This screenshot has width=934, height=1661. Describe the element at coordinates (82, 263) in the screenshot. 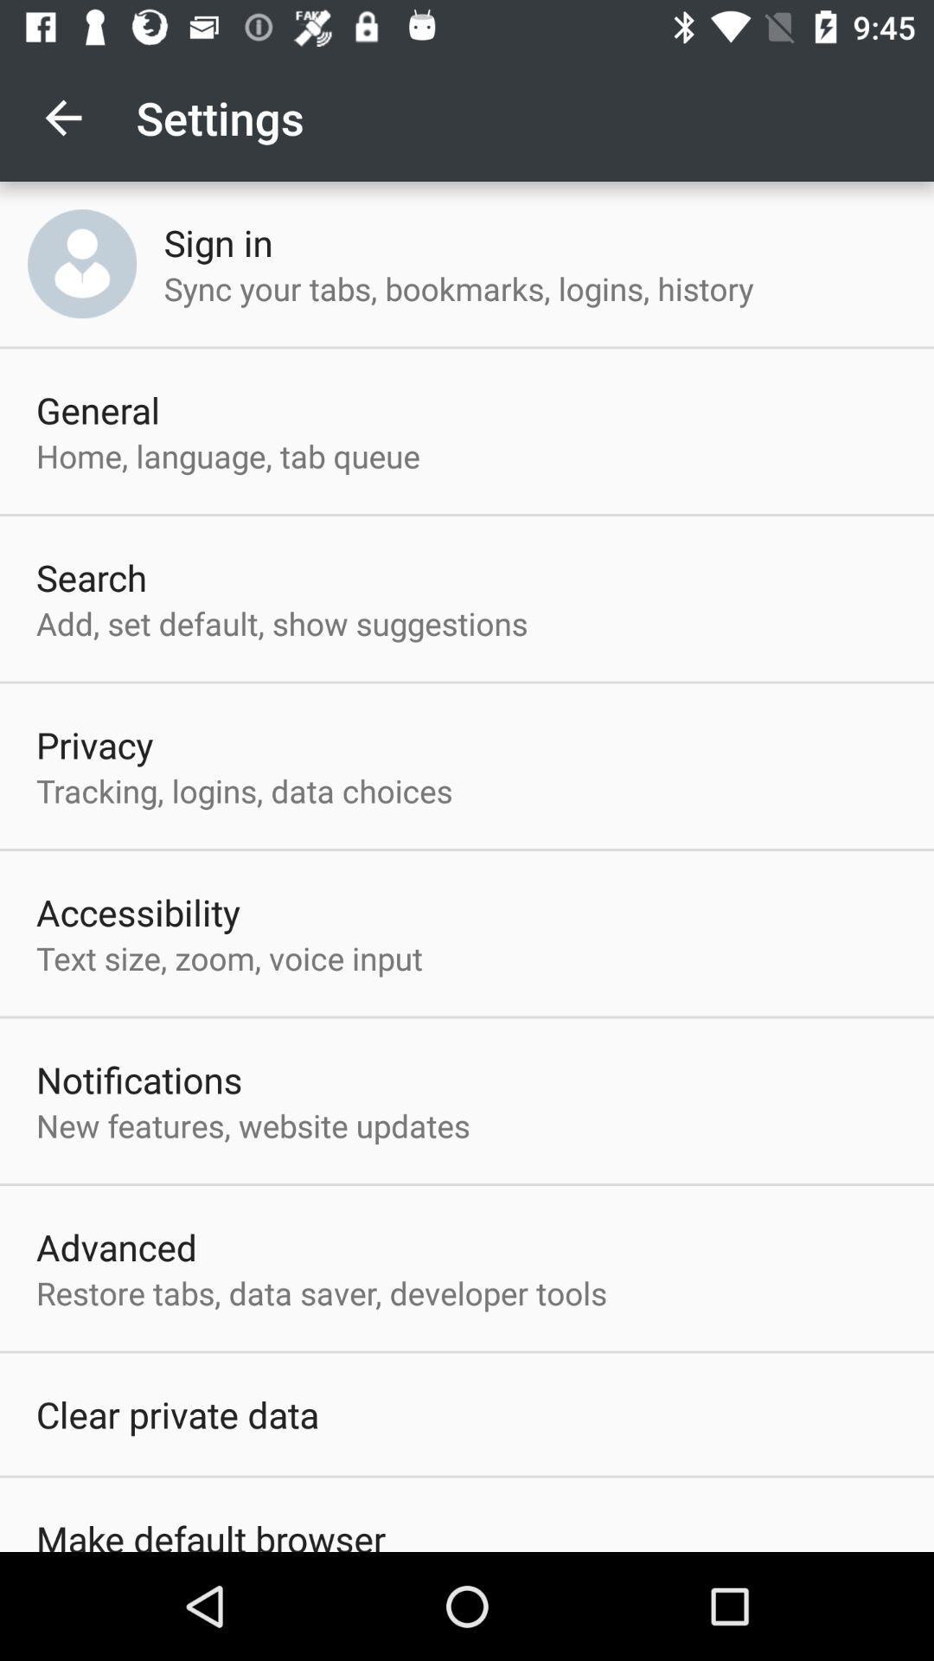

I see `icon to the left of the sign in icon` at that location.